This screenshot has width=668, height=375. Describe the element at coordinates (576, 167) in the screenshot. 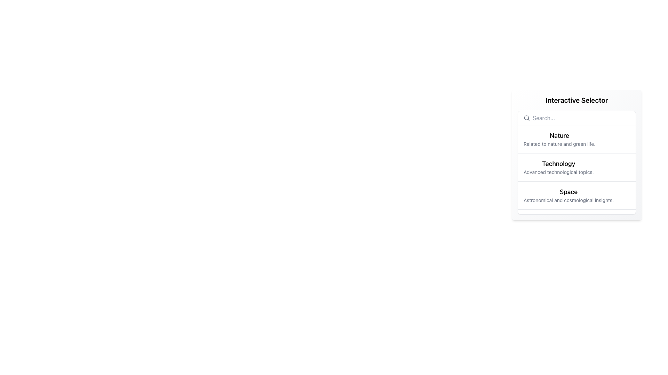

I see `the interactive list item representing the category 'Technology'` at that location.